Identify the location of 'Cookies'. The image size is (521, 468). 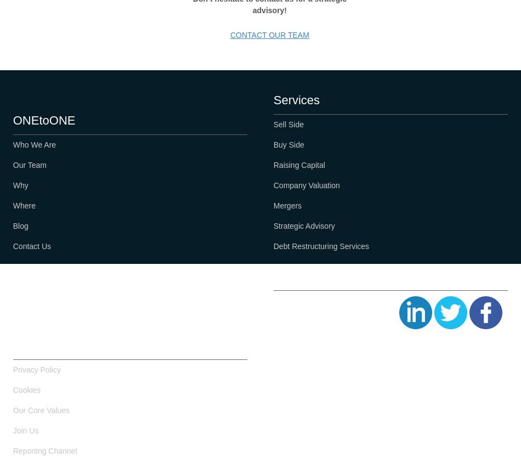
(26, 390).